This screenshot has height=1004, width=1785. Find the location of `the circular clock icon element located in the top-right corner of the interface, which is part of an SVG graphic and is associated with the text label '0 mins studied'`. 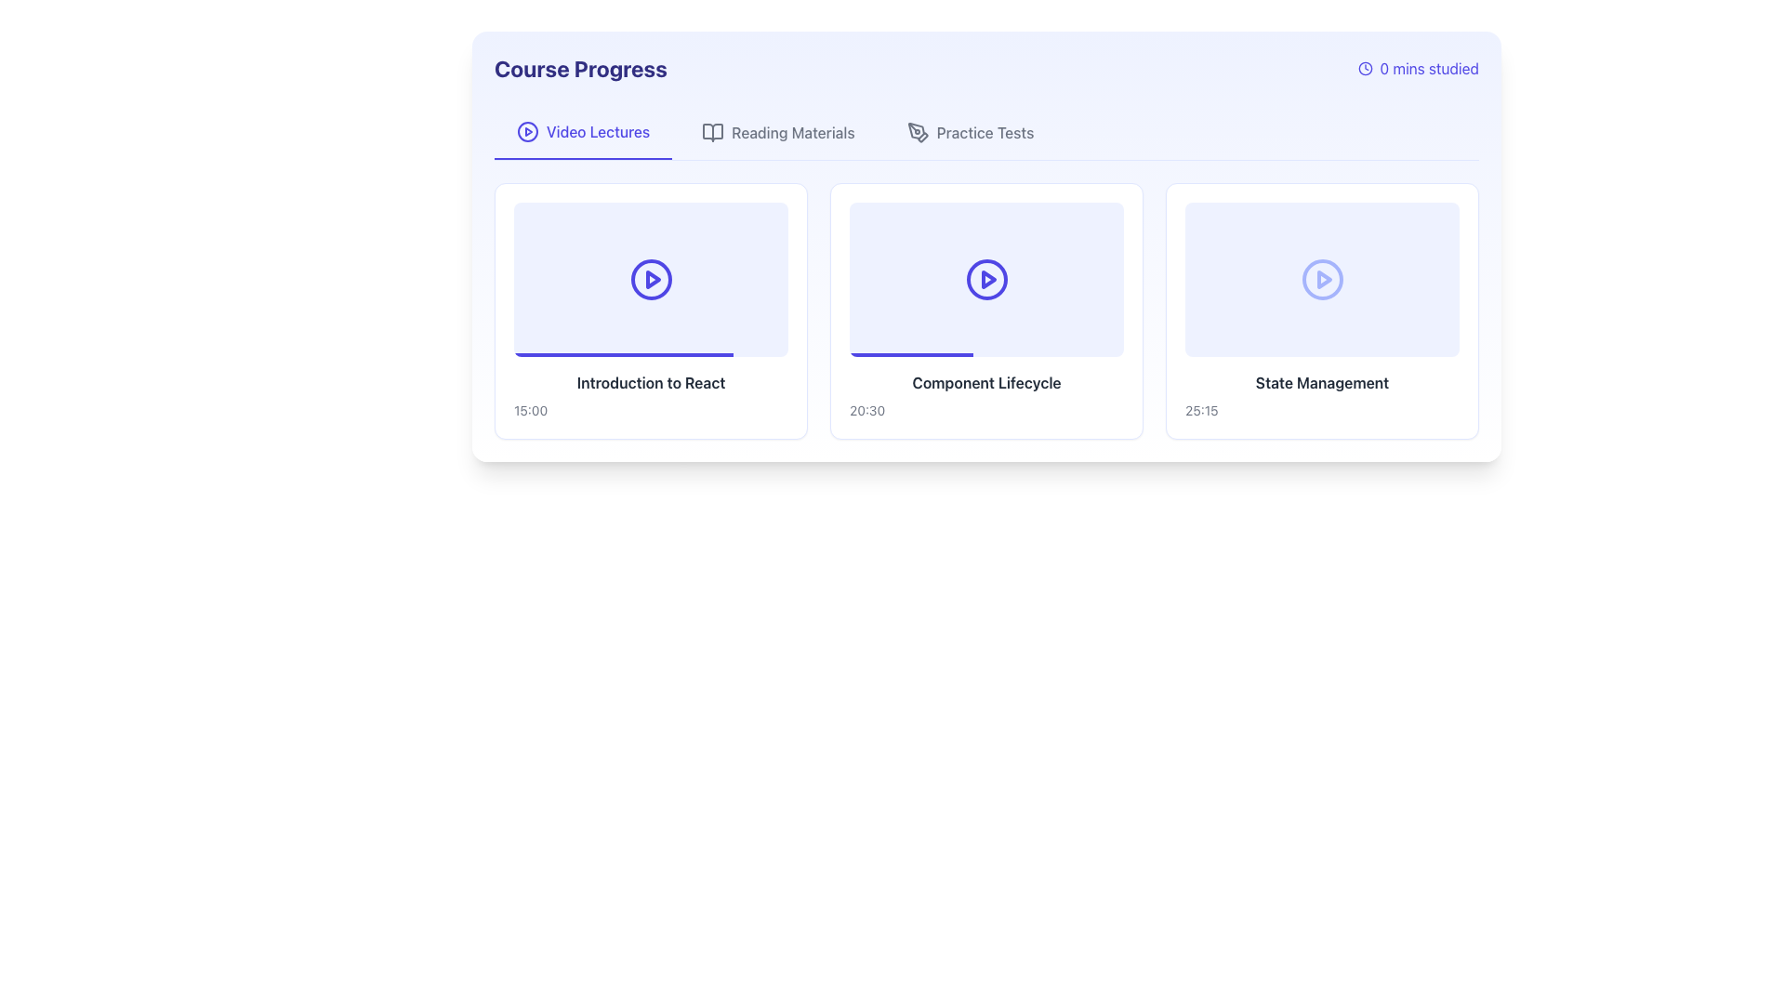

the circular clock icon element located in the top-right corner of the interface, which is part of an SVG graphic and is associated with the text label '0 mins studied' is located at coordinates (1365, 67).